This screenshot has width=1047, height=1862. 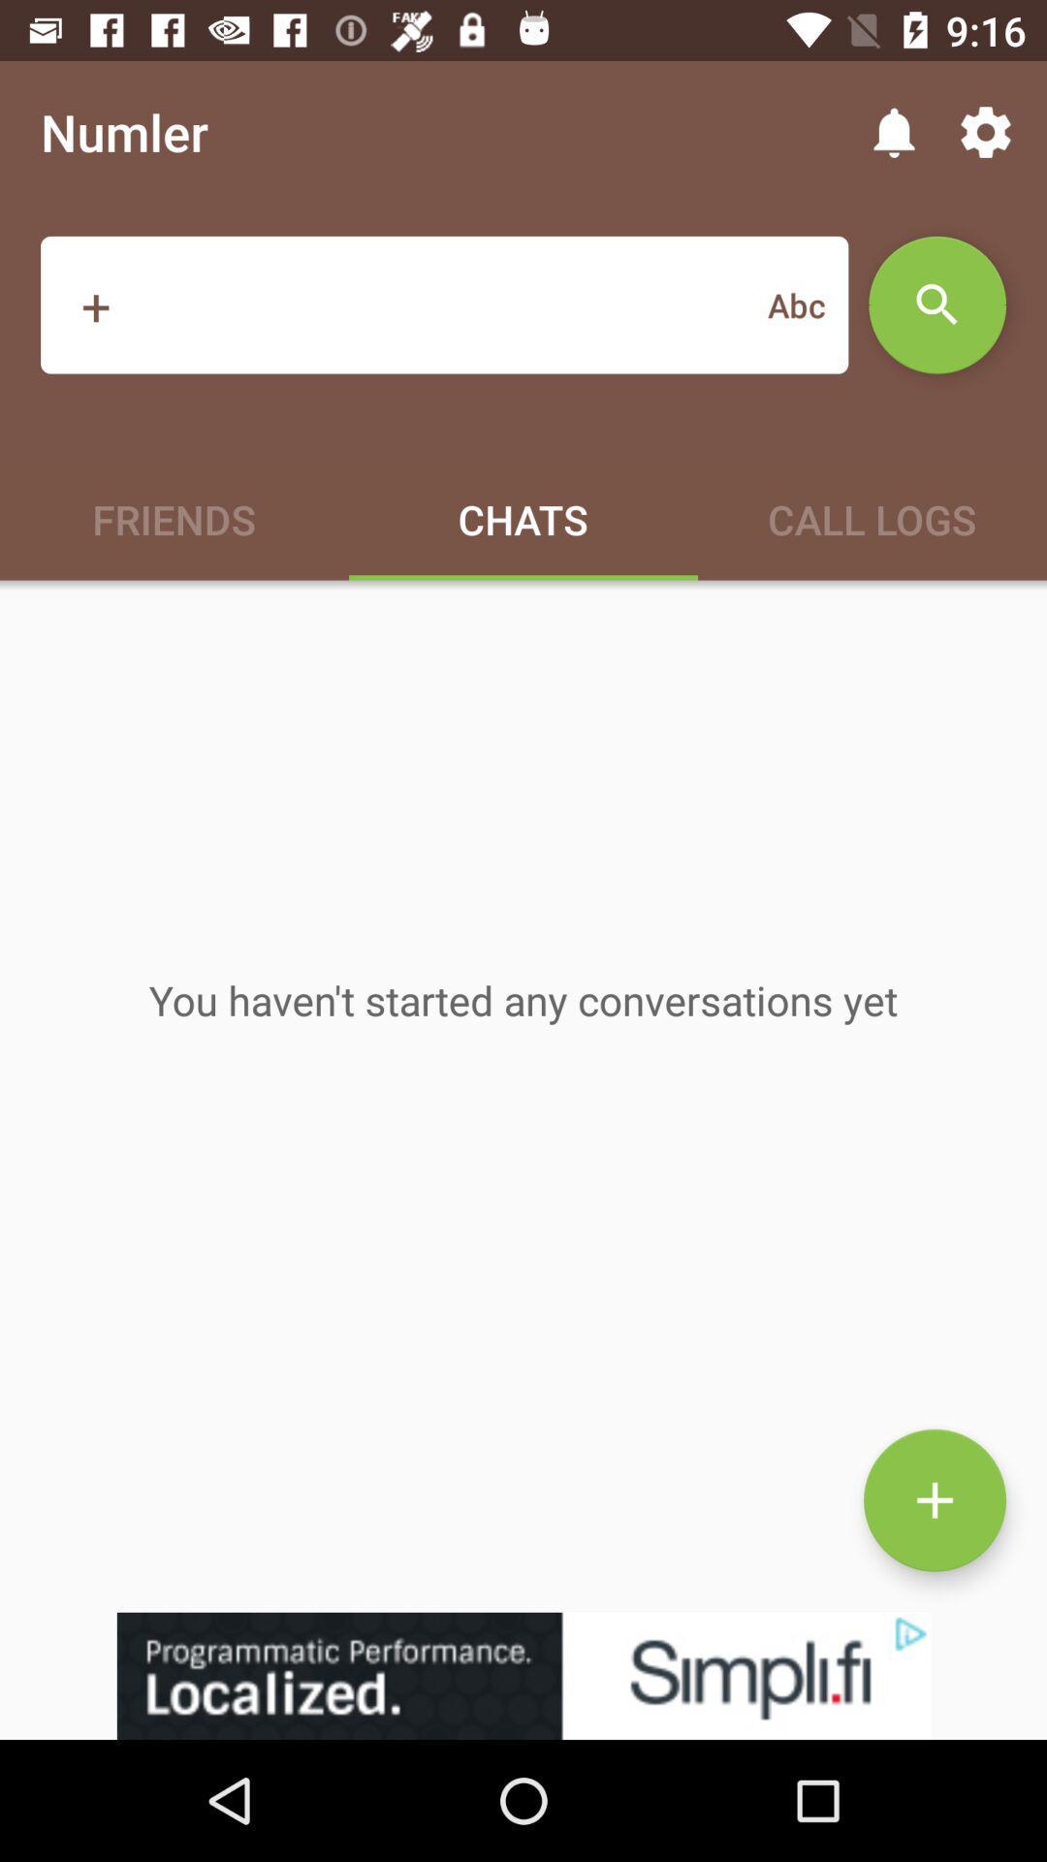 What do you see at coordinates (934, 1499) in the screenshot?
I see `the add icon` at bounding box center [934, 1499].